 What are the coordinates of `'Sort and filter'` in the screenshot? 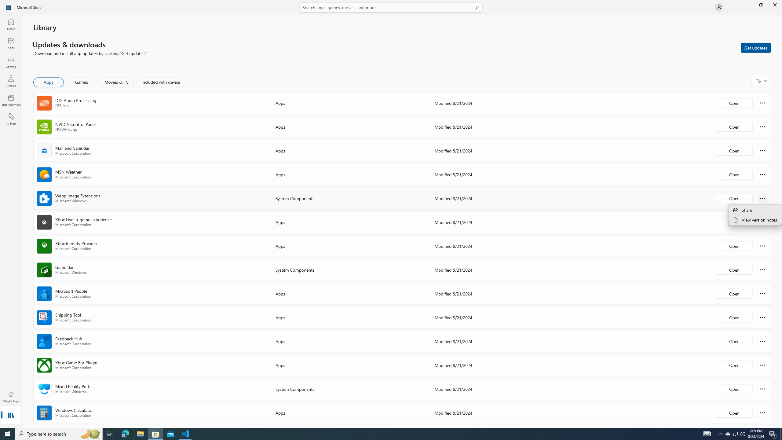 It's located at (761, 81).